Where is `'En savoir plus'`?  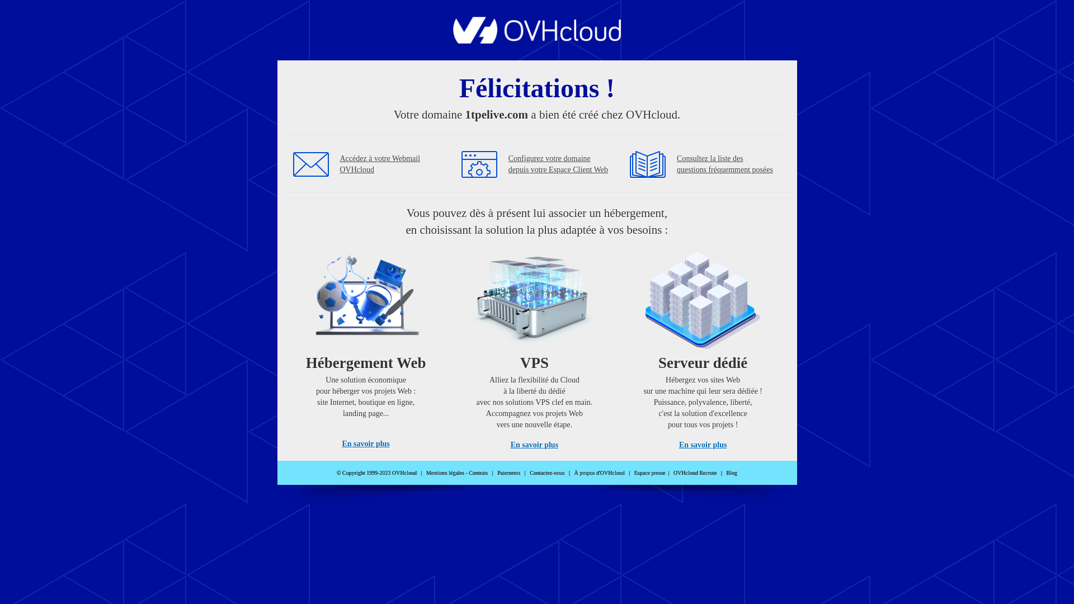
'En savoir plus' is located at coordinates (534, 444).